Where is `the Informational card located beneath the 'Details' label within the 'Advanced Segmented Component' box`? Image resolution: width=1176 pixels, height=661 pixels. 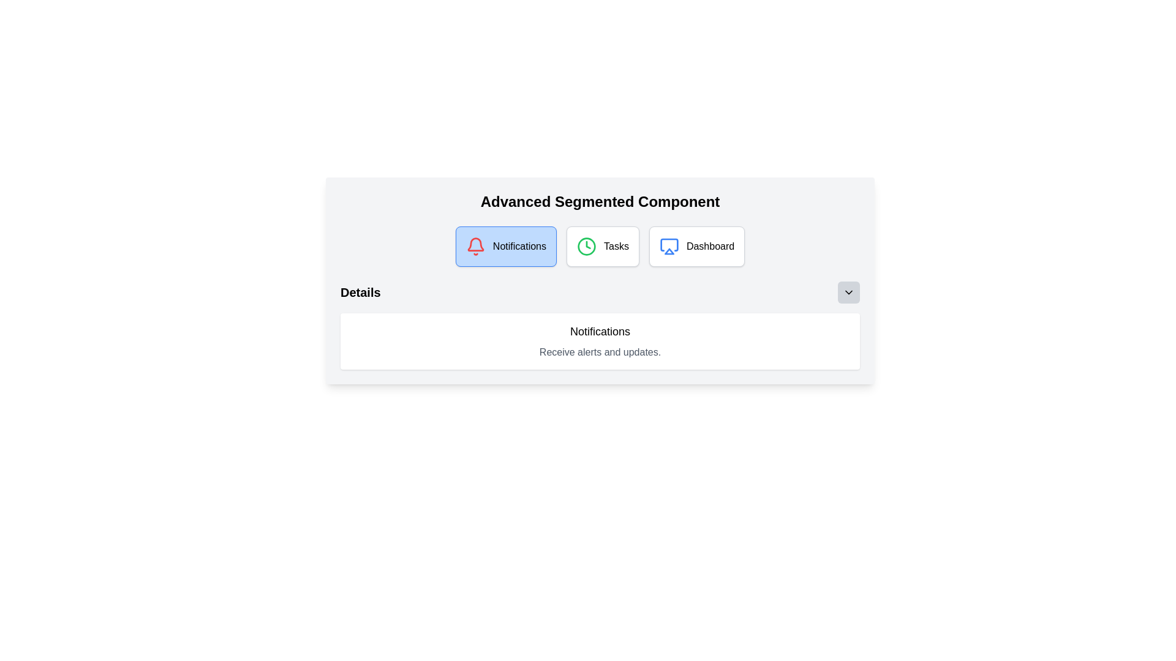 the Informational card located beneath the 'Details' label within the 'Advanced Segmented Component' box is located at coordinates (600, 342).